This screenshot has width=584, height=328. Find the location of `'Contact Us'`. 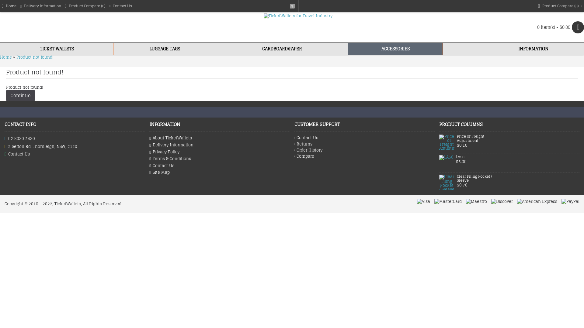

'Contact Us' is located at coordinates (107, 6).